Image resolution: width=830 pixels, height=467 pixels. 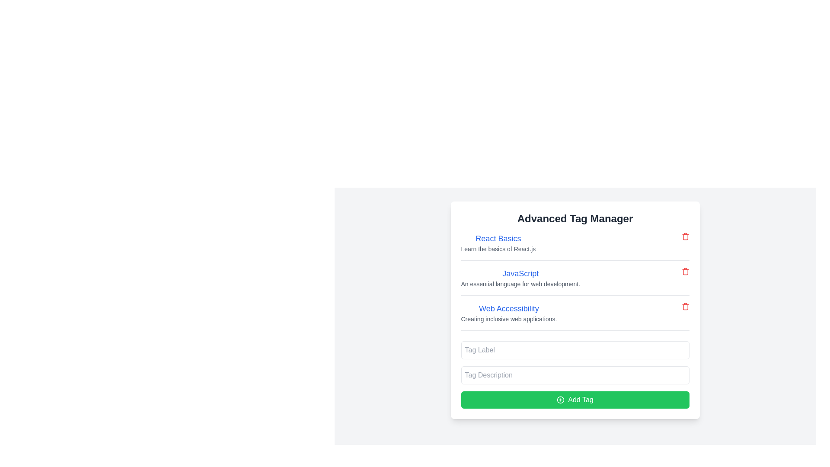 I want to click on the static text block titled 'React Basics', which is styled in blue and contains the description 'Learn the basics of React.js.', so click(x=498, y=243).